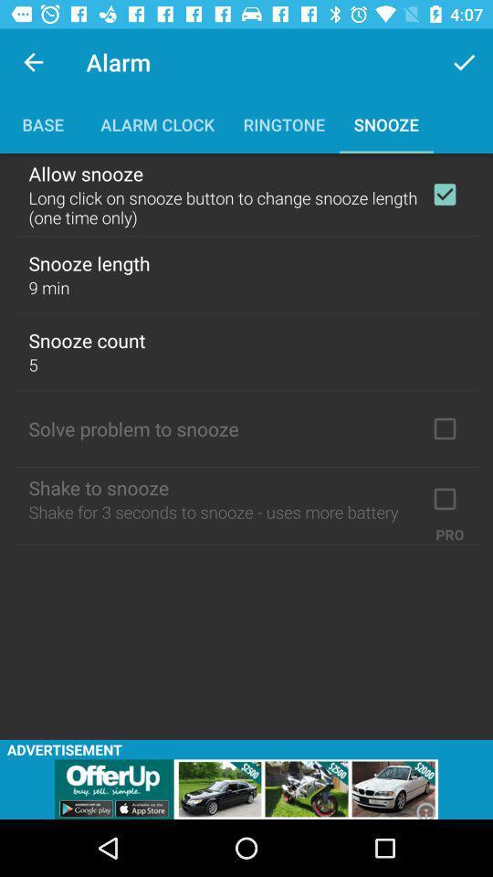  Describe the element at coordinates (444, 195) in the screenshot. I see `on or off` at that location.